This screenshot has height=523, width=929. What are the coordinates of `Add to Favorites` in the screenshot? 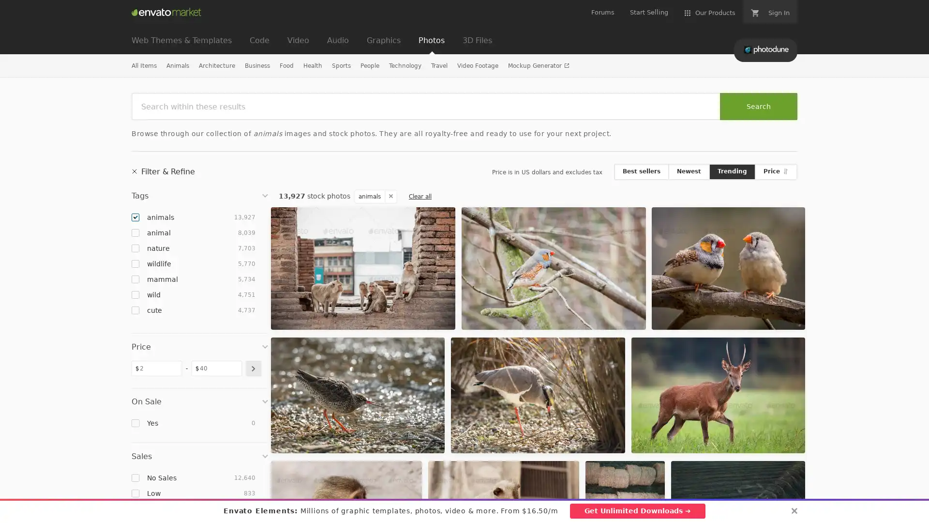 It's located at (652, 472).